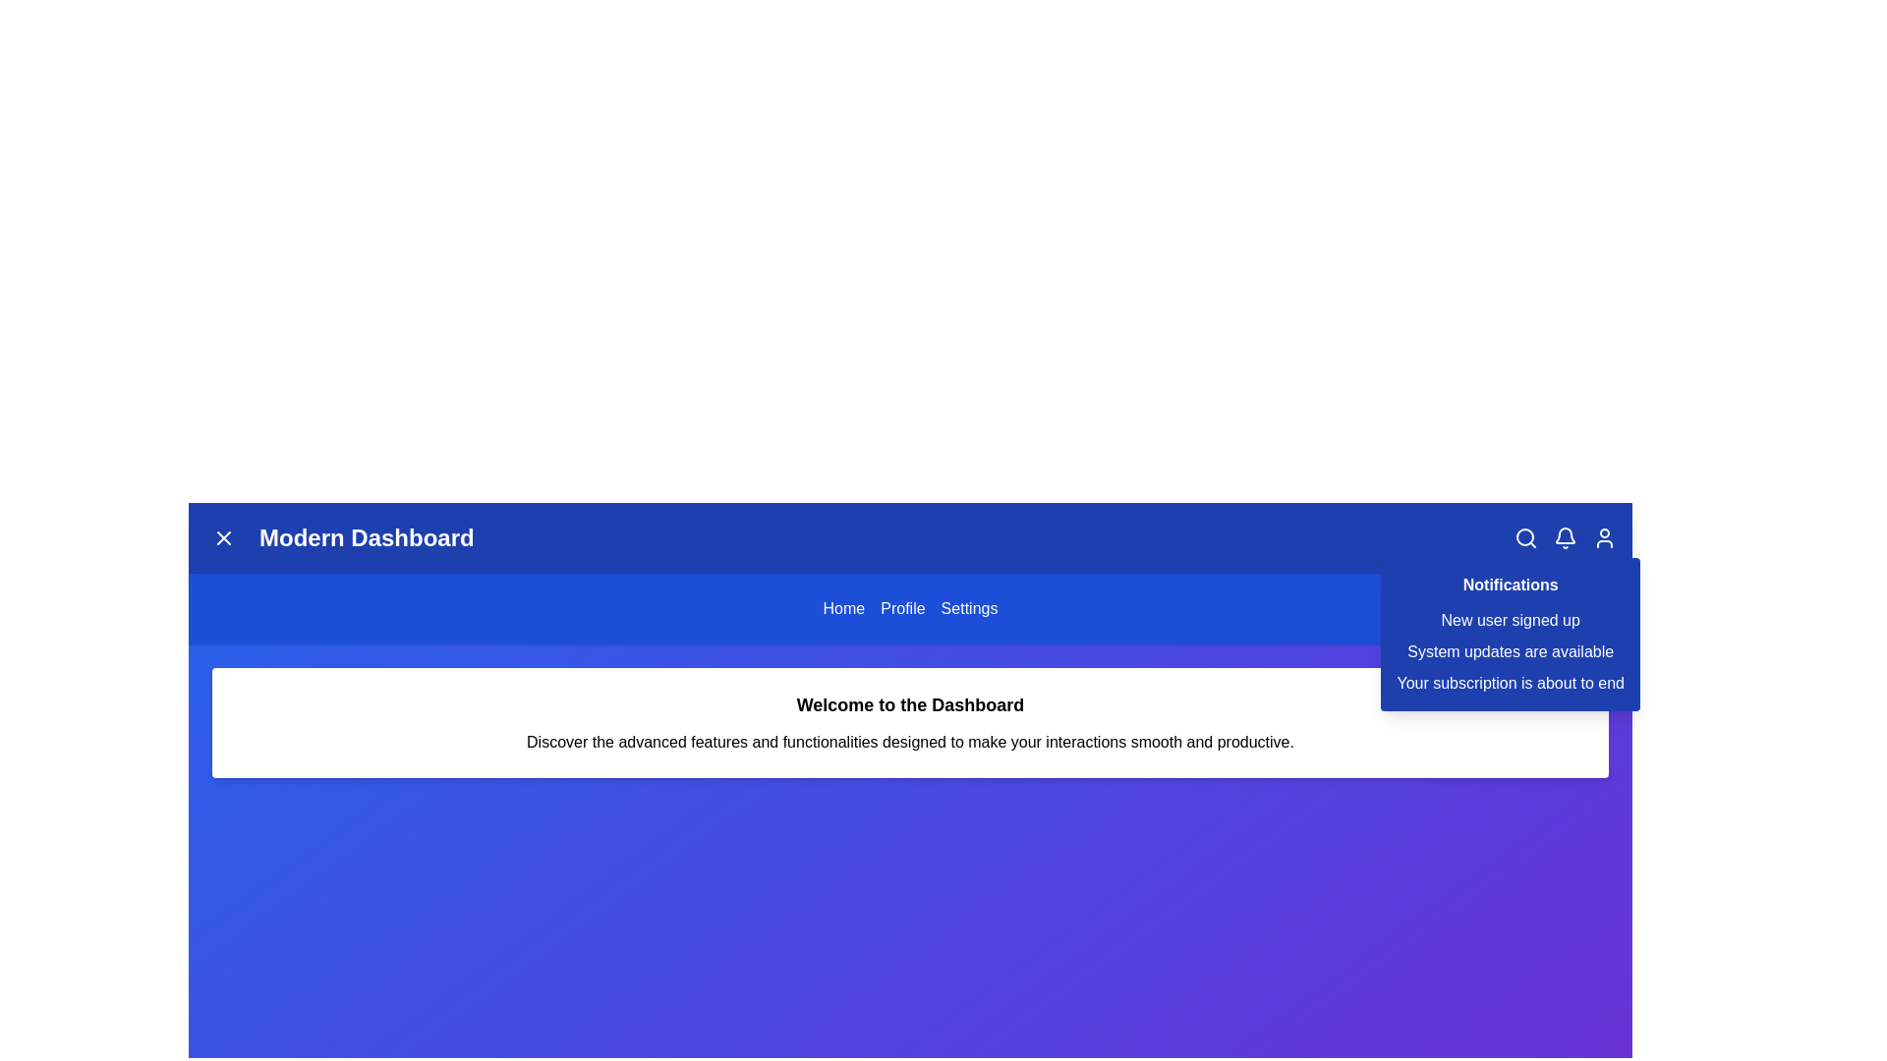 The width and height of the screenshot is (1887, 1061). I want to click on the search icon to initiate a search, so click(1525, 537).